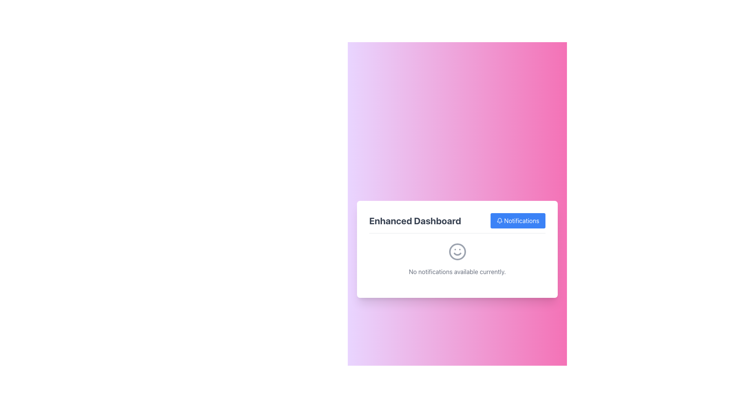 This screenshot has width=737, height=414. What do you see at coordinates (457, 263) in the screenshot?
I see `the central notification display element featuring a circular smiley face icon and the text 'No notifications available currently.'` at bounding box center [457, 263].